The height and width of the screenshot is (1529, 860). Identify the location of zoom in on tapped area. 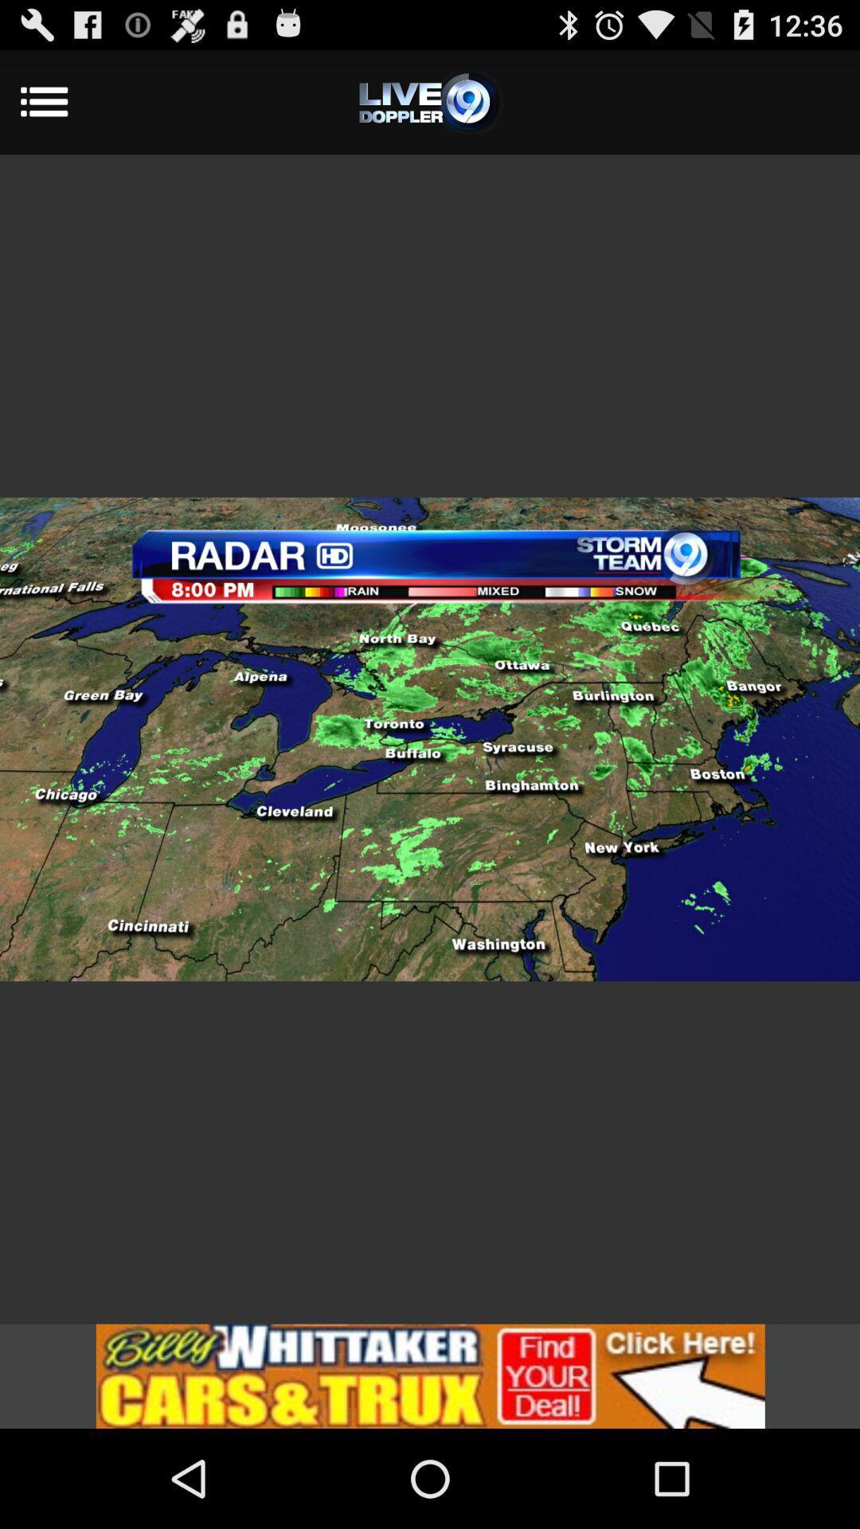
(430, 738).